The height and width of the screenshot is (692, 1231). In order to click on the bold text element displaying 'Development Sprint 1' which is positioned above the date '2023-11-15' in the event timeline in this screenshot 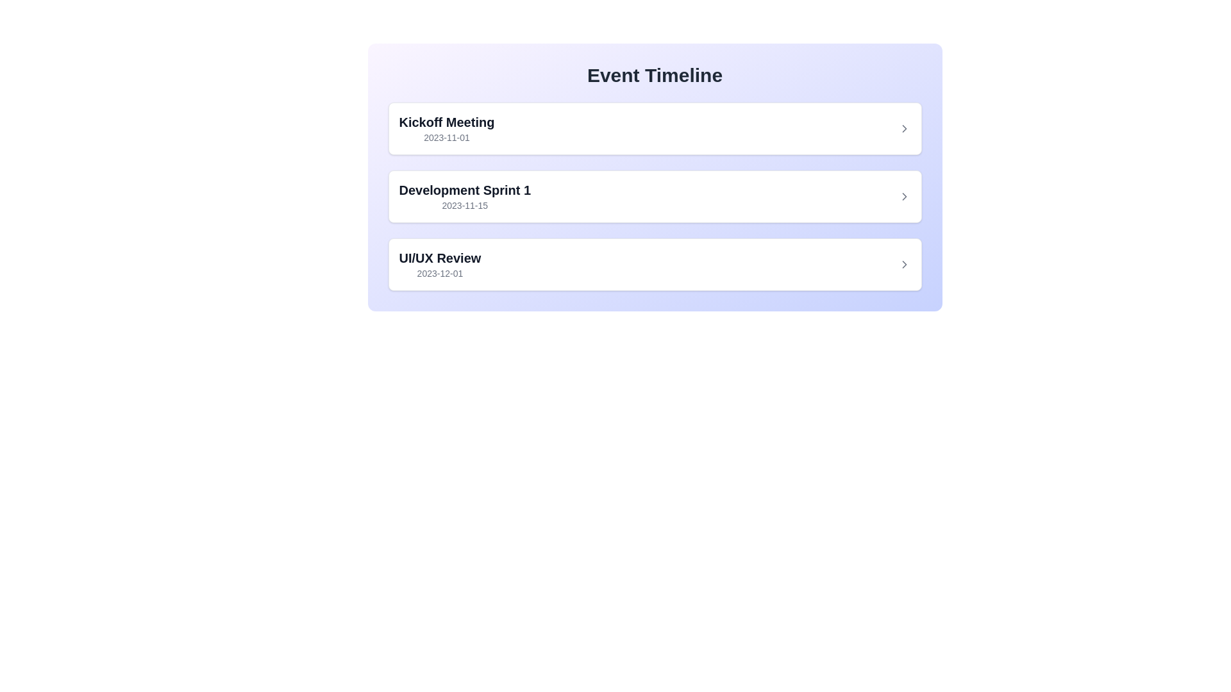, I will do `click(464, 190)`.